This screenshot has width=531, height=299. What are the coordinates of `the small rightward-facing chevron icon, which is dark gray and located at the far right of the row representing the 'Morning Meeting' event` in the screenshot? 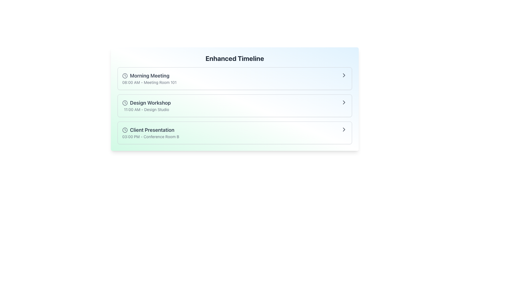 It's located at (343, 75).